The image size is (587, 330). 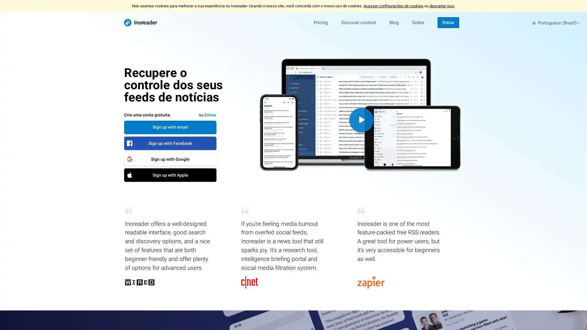 What do you see at coordinates (170, 127) in the screenshot?
I see `Sign up with email` at bounding box center [170, 127].